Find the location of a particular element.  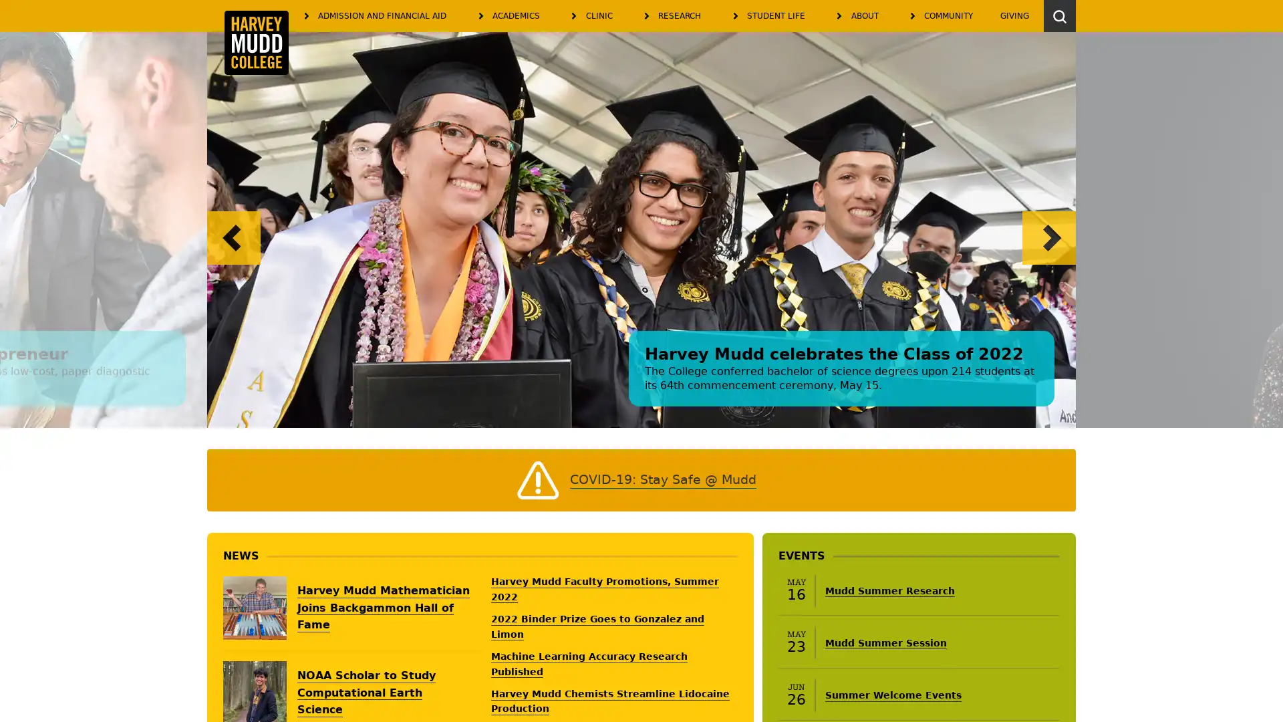

Next slide. is located at coordinates (1048, 236).